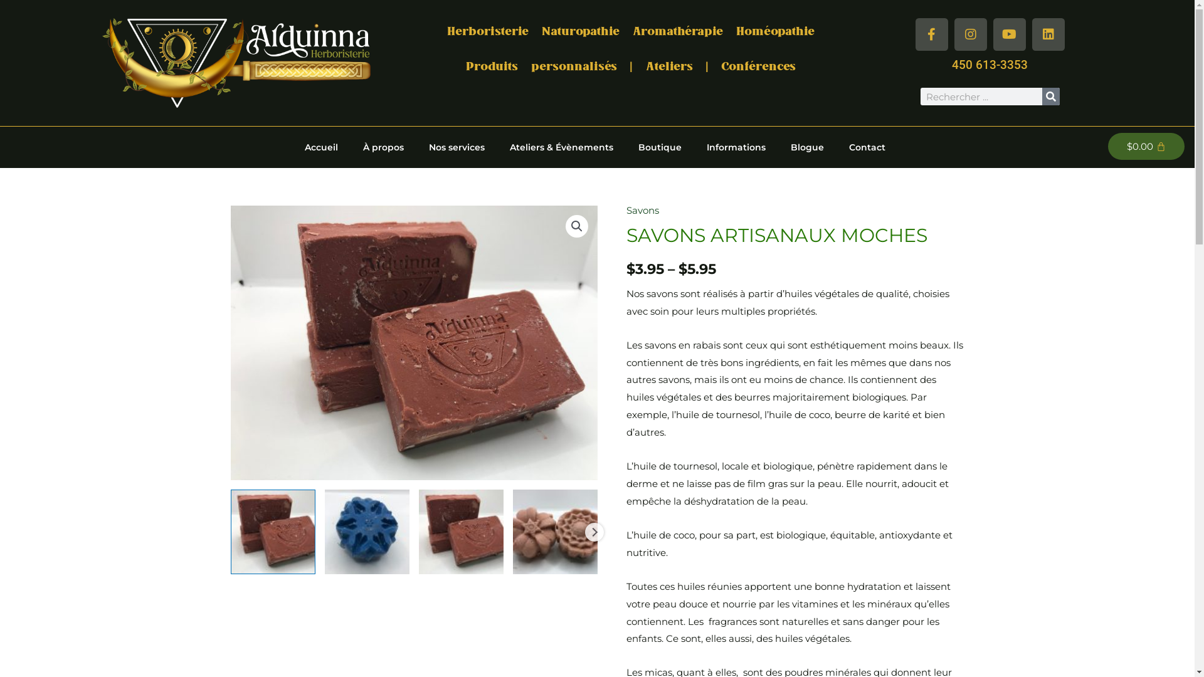 The height and width of the screenshot is (677, 1204). What do you see at coordinates (837, 147) in the screenshot?
I see `'Contact'` at bounding box center [837, 147].